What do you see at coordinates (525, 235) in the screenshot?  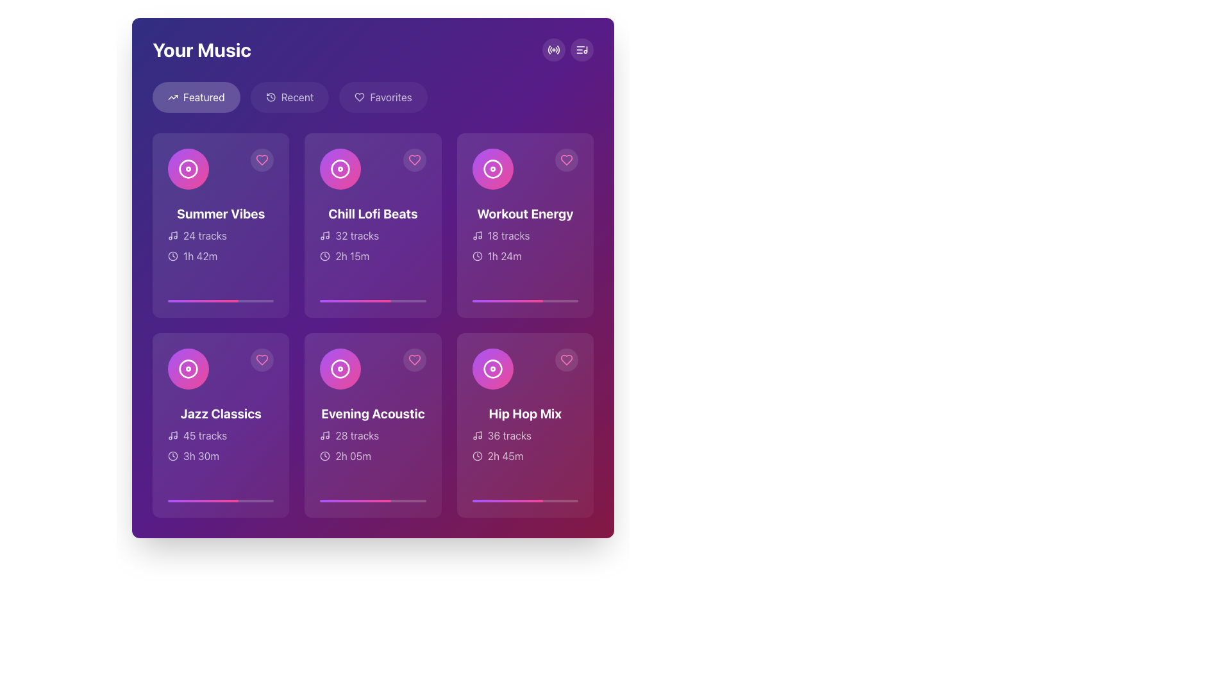 I see `the title 'Workout Energy' on the text display in the top-right corner of the grid layout` at bounding box center [525, 235].